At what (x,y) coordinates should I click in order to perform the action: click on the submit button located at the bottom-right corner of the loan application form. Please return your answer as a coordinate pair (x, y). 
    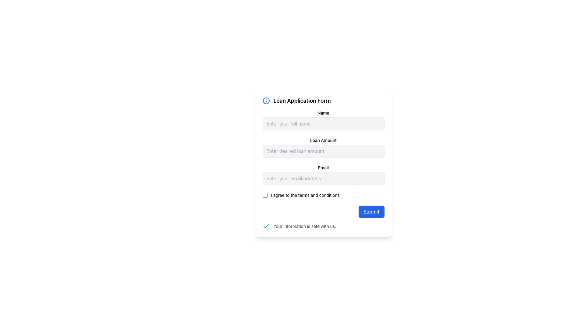
    Looking at the image, I should click on (371, 211).